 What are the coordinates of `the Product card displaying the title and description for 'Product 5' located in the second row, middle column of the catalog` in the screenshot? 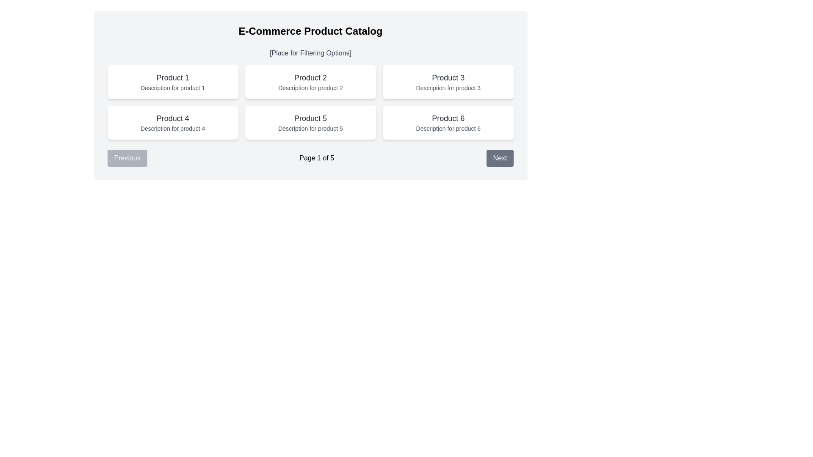 It's located at (310, 122).